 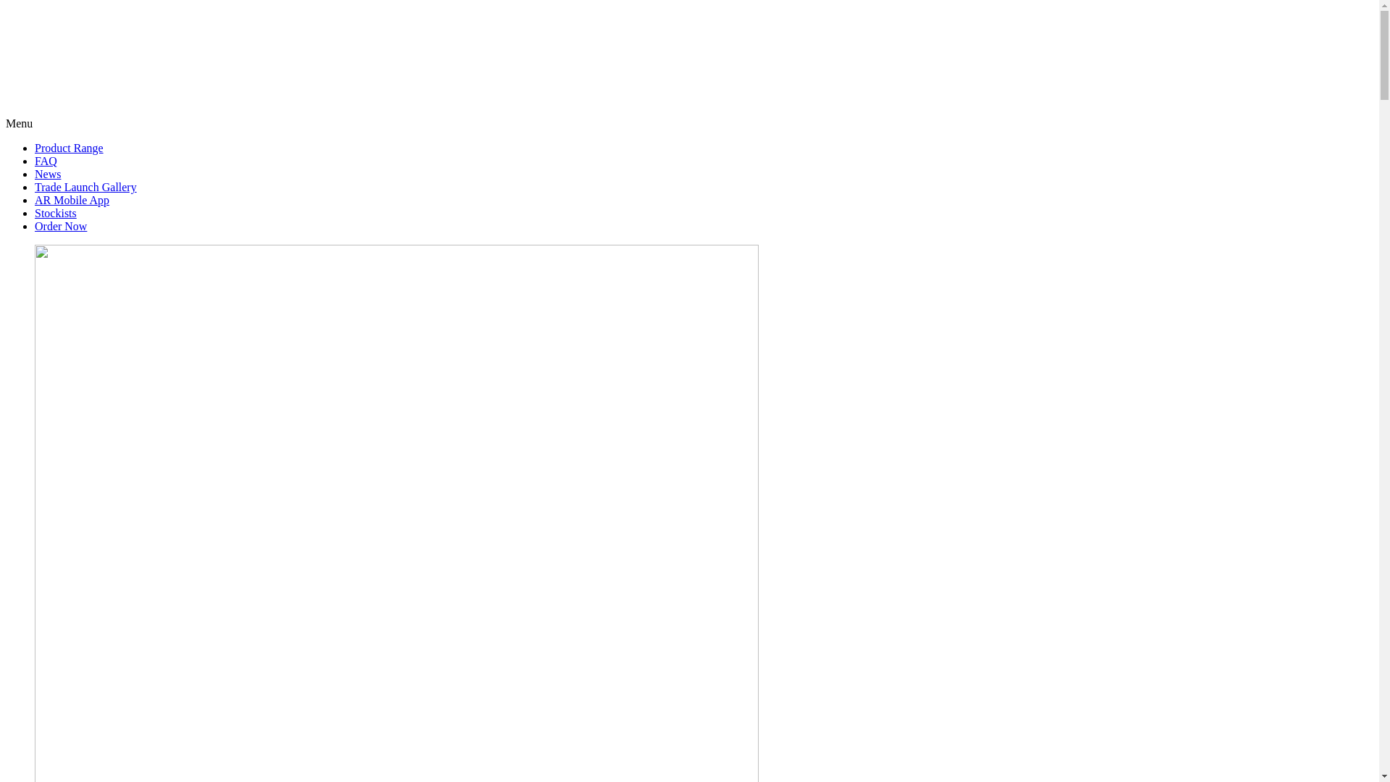 What do you see at coordinates (68, 148) in the screenshot?
I see `'Product Range'` at bounding box center [68, 148].